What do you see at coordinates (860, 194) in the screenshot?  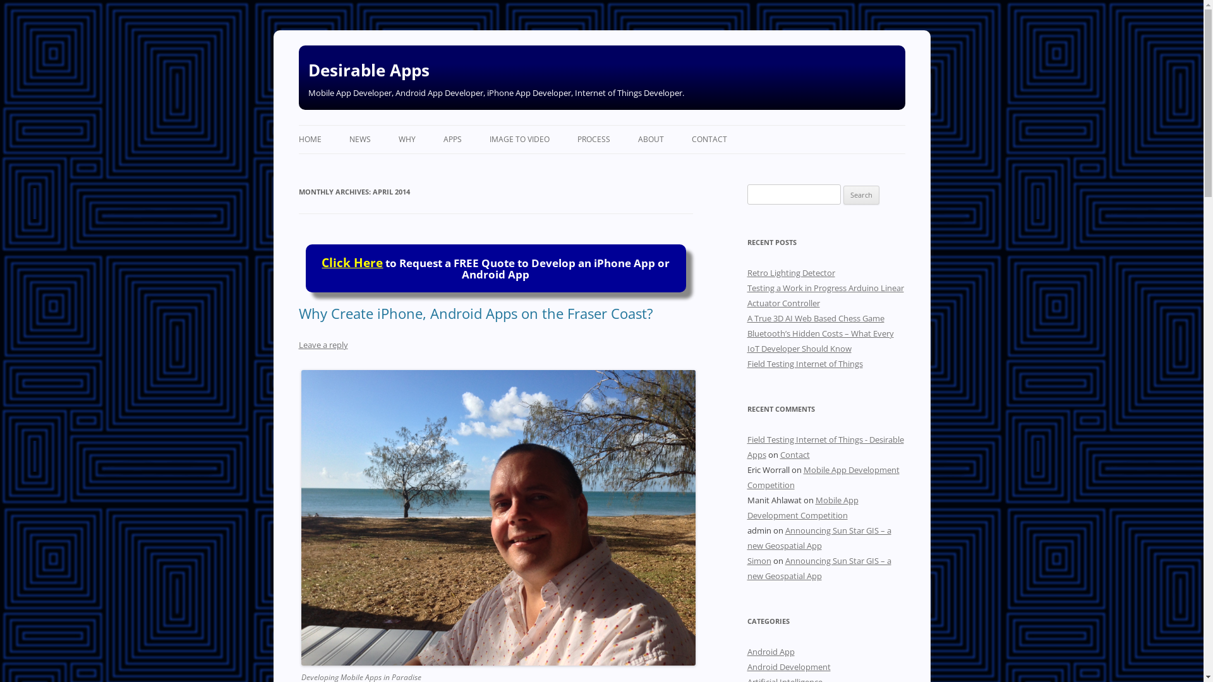 I see `'Search'` at bounding box center [860, 194].